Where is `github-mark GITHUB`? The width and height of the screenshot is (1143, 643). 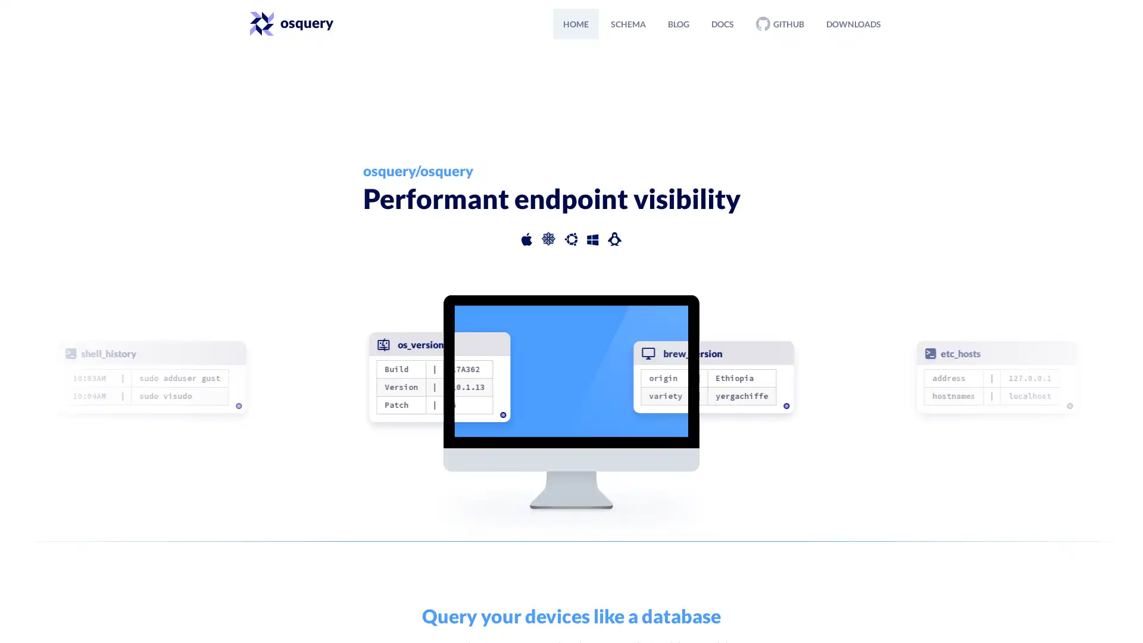 github-mark GITHUB is located at coordinates (780, 23).